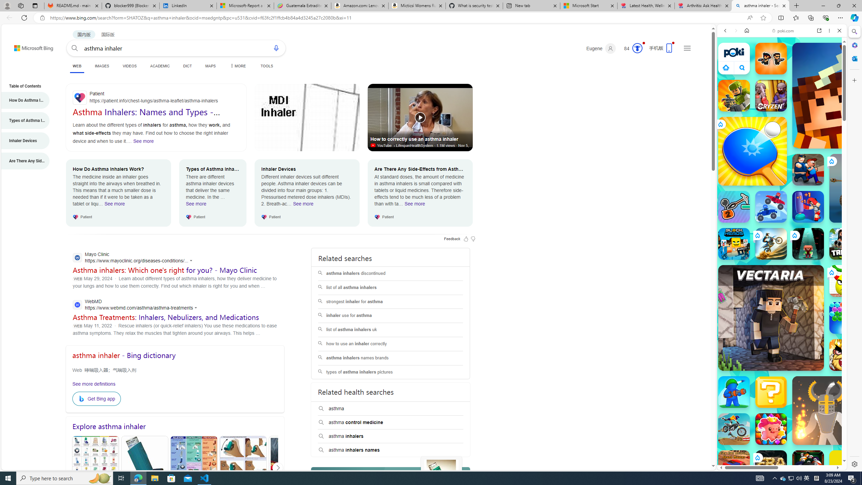  I want to click on 'War Master', so click(733, 392).